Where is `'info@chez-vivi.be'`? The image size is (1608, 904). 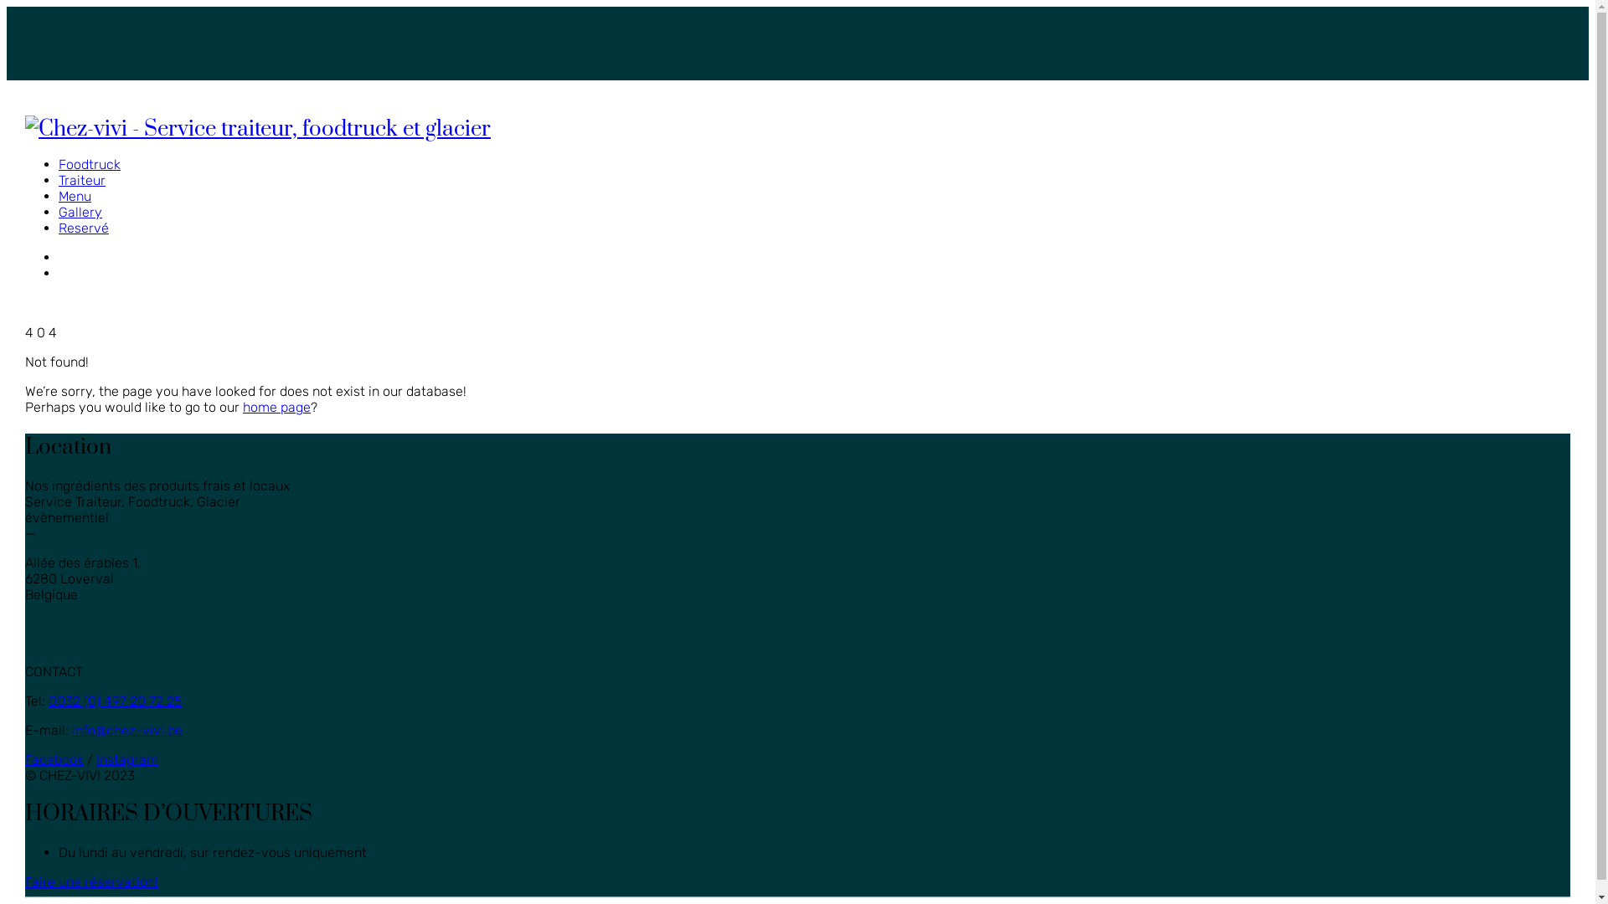
'info@chez-vivi.be' is located at coordinates (126, 729).